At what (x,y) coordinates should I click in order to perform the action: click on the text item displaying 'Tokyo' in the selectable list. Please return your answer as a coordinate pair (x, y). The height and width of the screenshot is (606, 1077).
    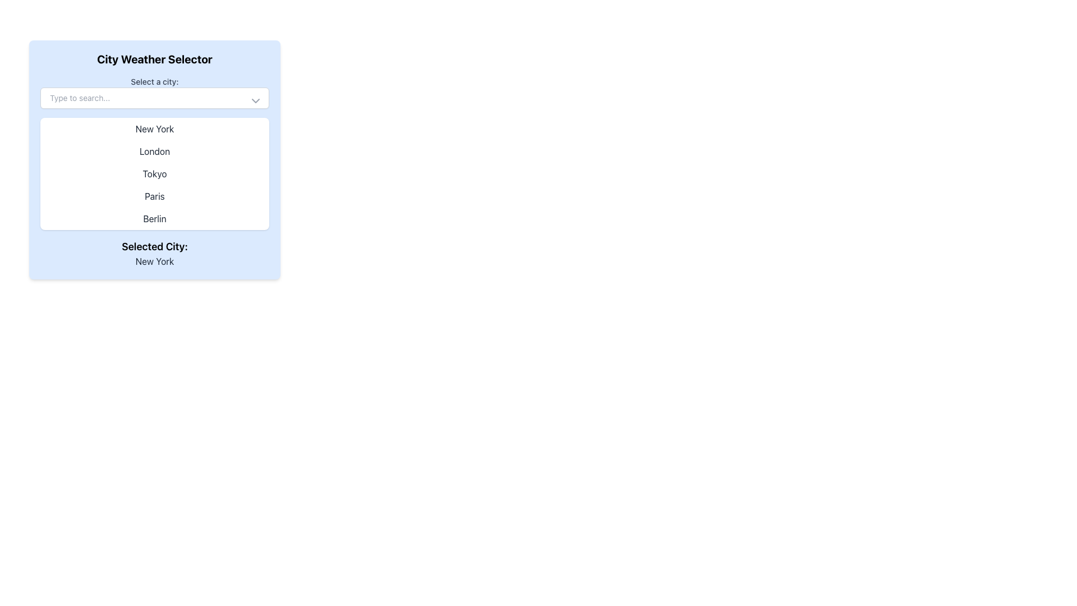
    Looking at the image, I should click on (154, 173).